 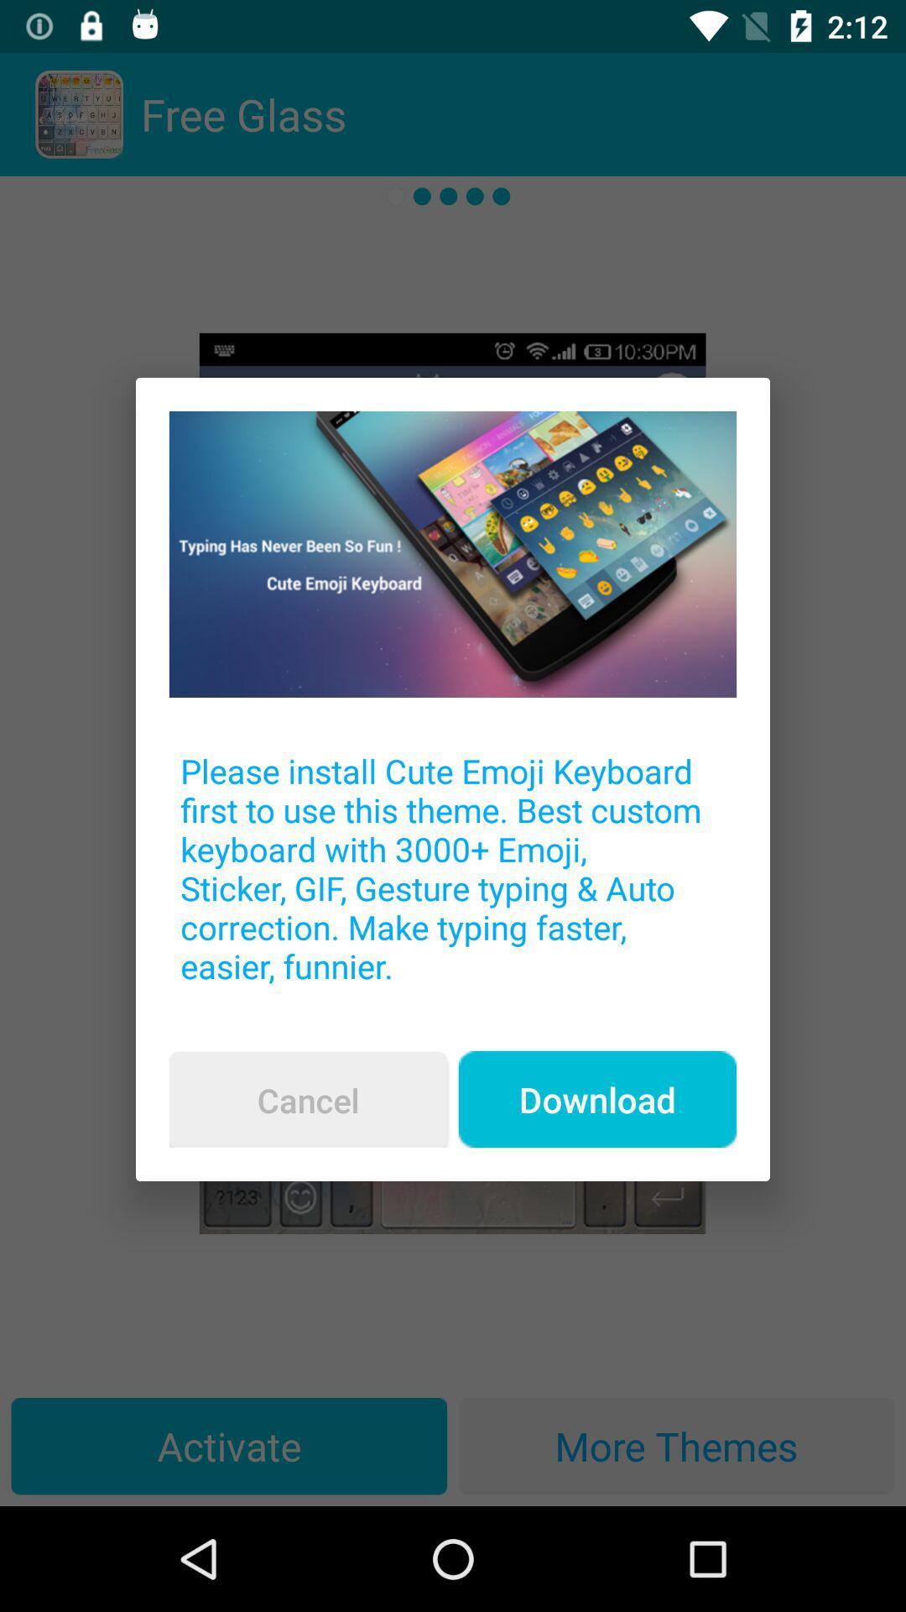 What do you see at coordinates (308, 1100) in the screenshot?
I see `cancel item` at bounding box center [308, 1100].